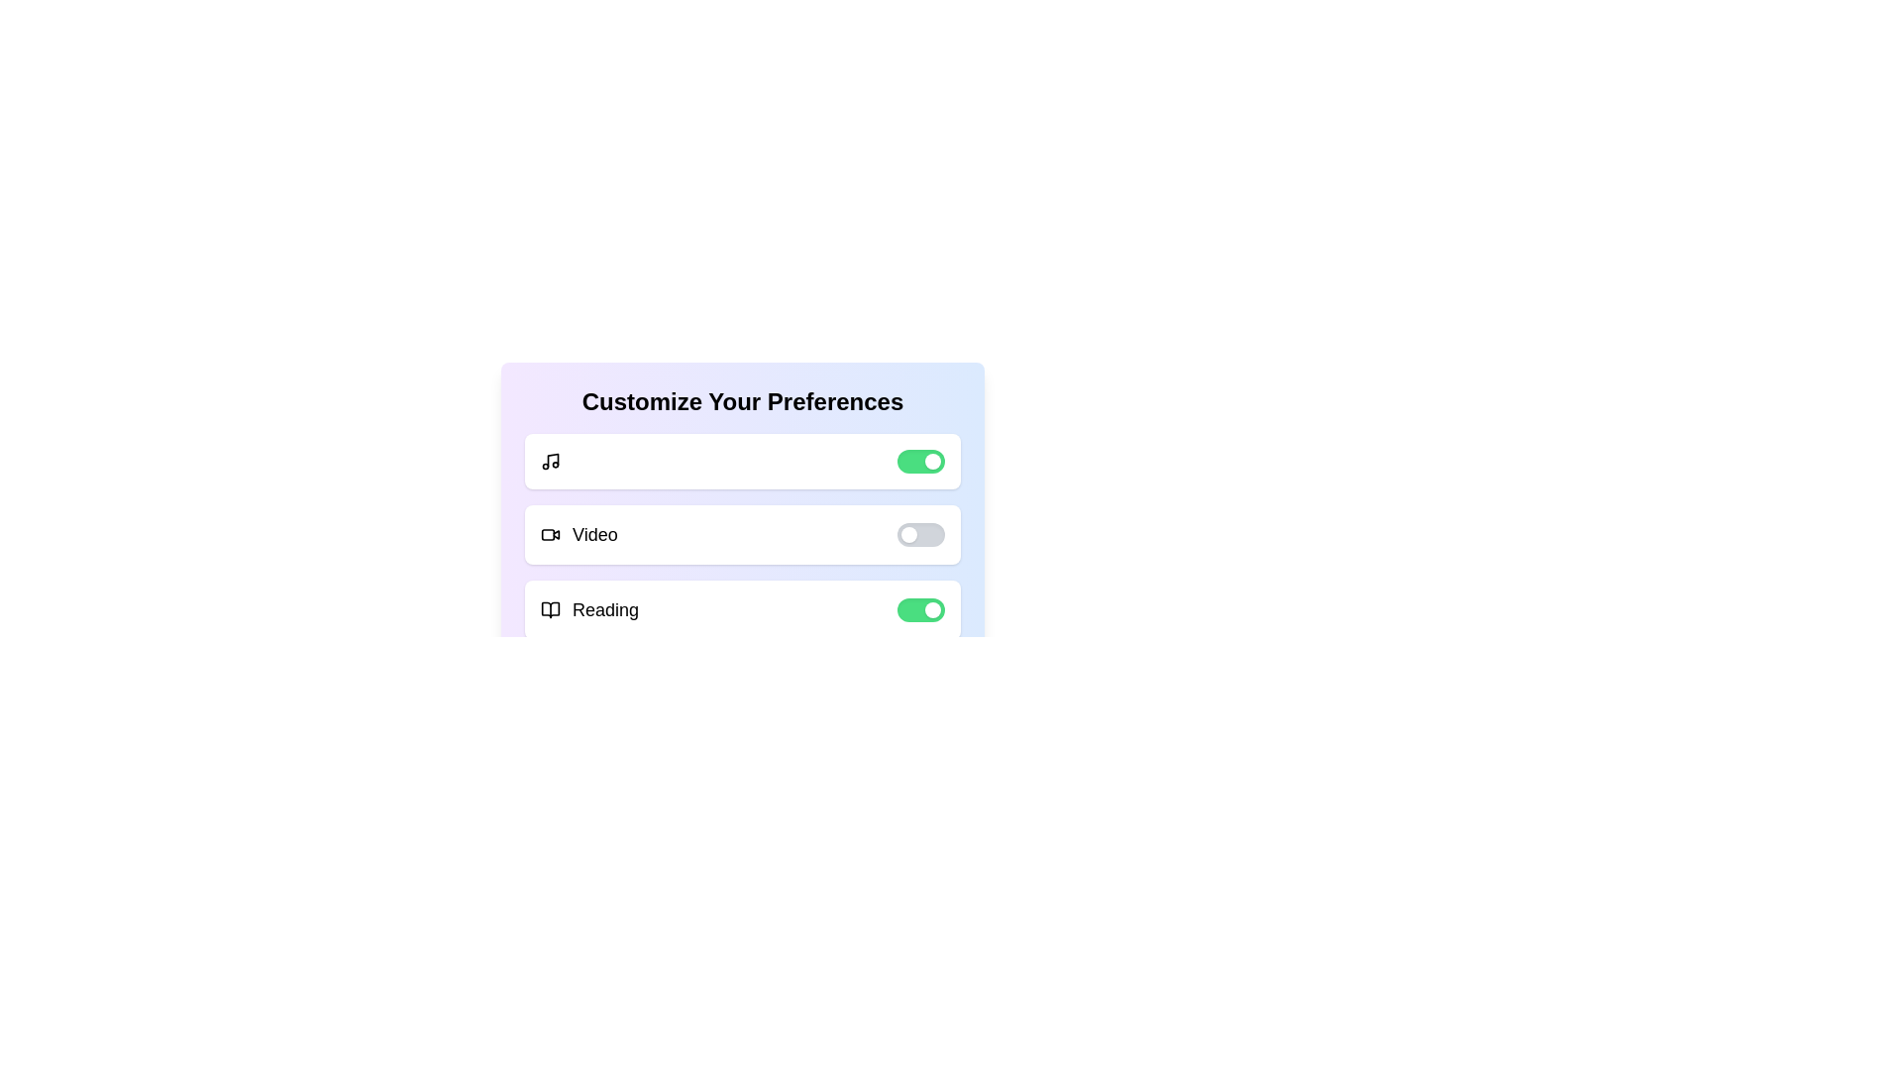  Describe the element at coordinates (551, 609) in the screenshot. I see `the icon next to Reading` at that location.